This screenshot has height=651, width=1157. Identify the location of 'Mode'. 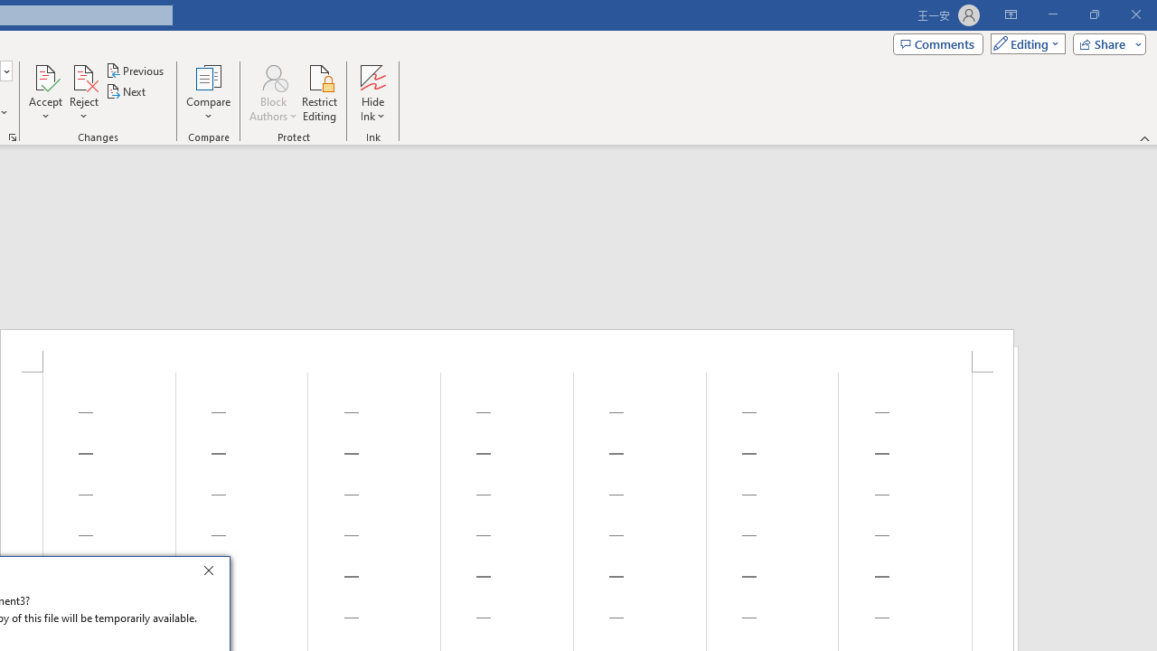
(1024, 42).